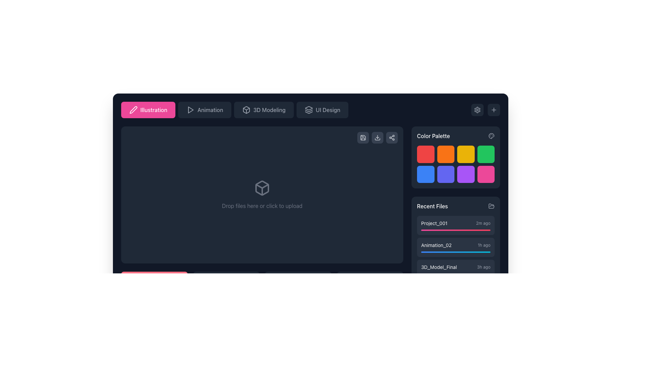  Describe the element at coordinates (298, 288) in the screenshot. I see `the 'Select' button, which is the third button in a set of four horizontally arranged buttons at the bottom of the interface` at that location.